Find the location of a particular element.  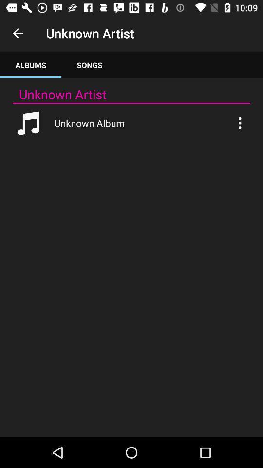

app below unknown artist icon is located at coordinates (131, 103).